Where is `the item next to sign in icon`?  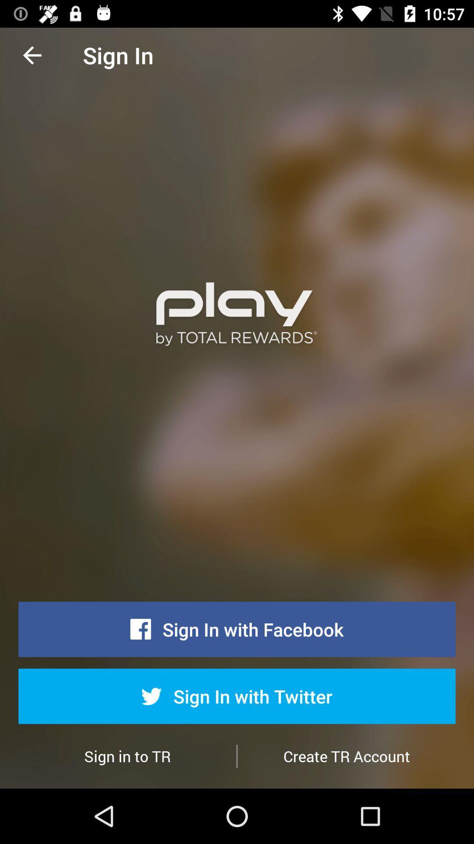 the item next to sign in icon is located at coordinates (32, 55).